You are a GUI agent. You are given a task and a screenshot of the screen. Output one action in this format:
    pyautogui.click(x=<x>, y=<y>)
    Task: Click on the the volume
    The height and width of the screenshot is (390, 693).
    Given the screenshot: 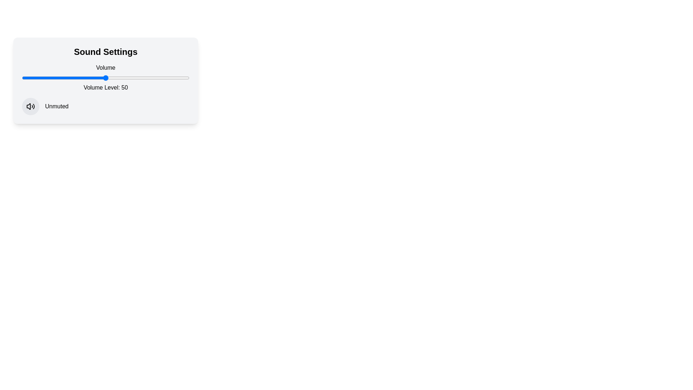 What is the action you would take?
    pyautogui.click(x=100, y=78)
    